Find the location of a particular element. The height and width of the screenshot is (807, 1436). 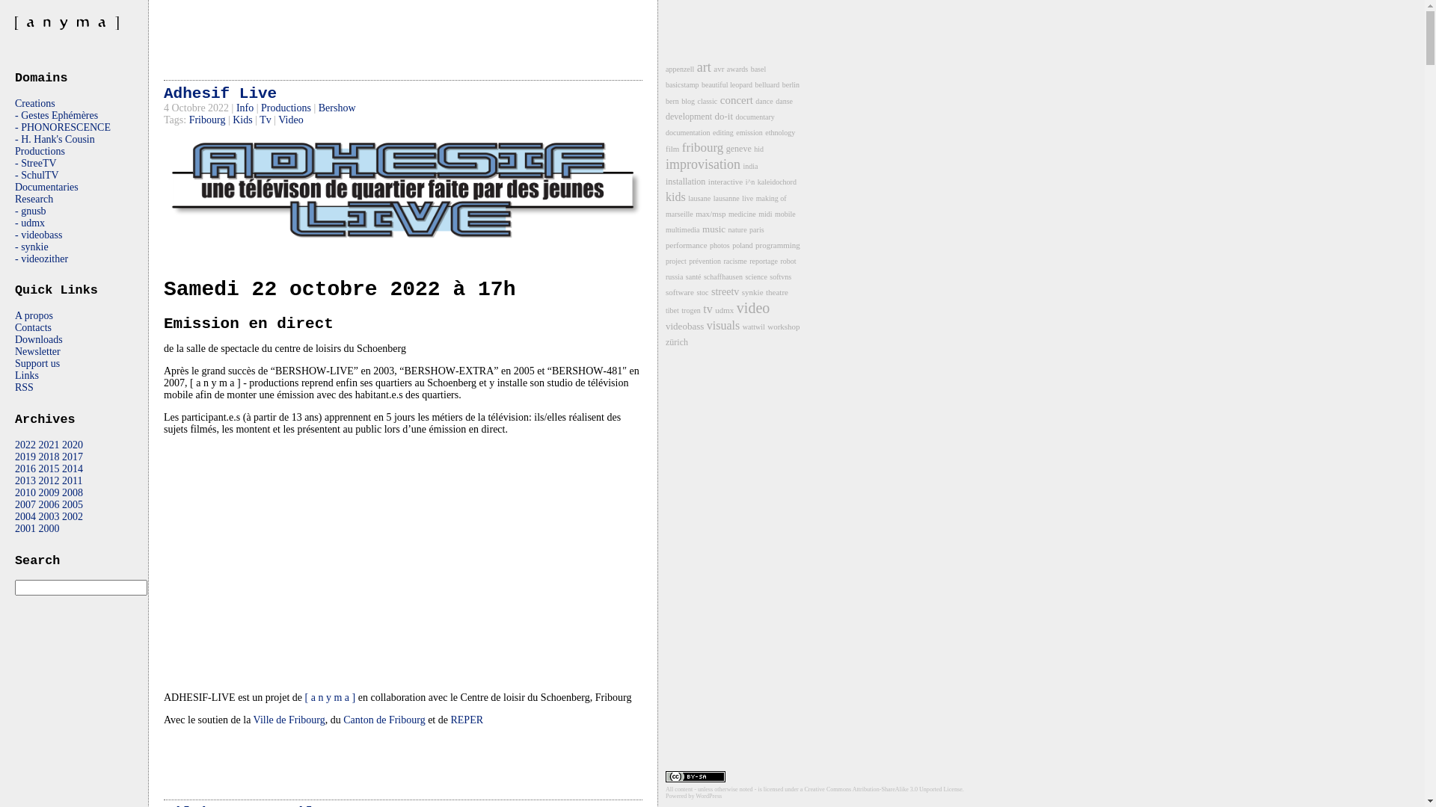

'2010' is located at coordinates (14, 492).